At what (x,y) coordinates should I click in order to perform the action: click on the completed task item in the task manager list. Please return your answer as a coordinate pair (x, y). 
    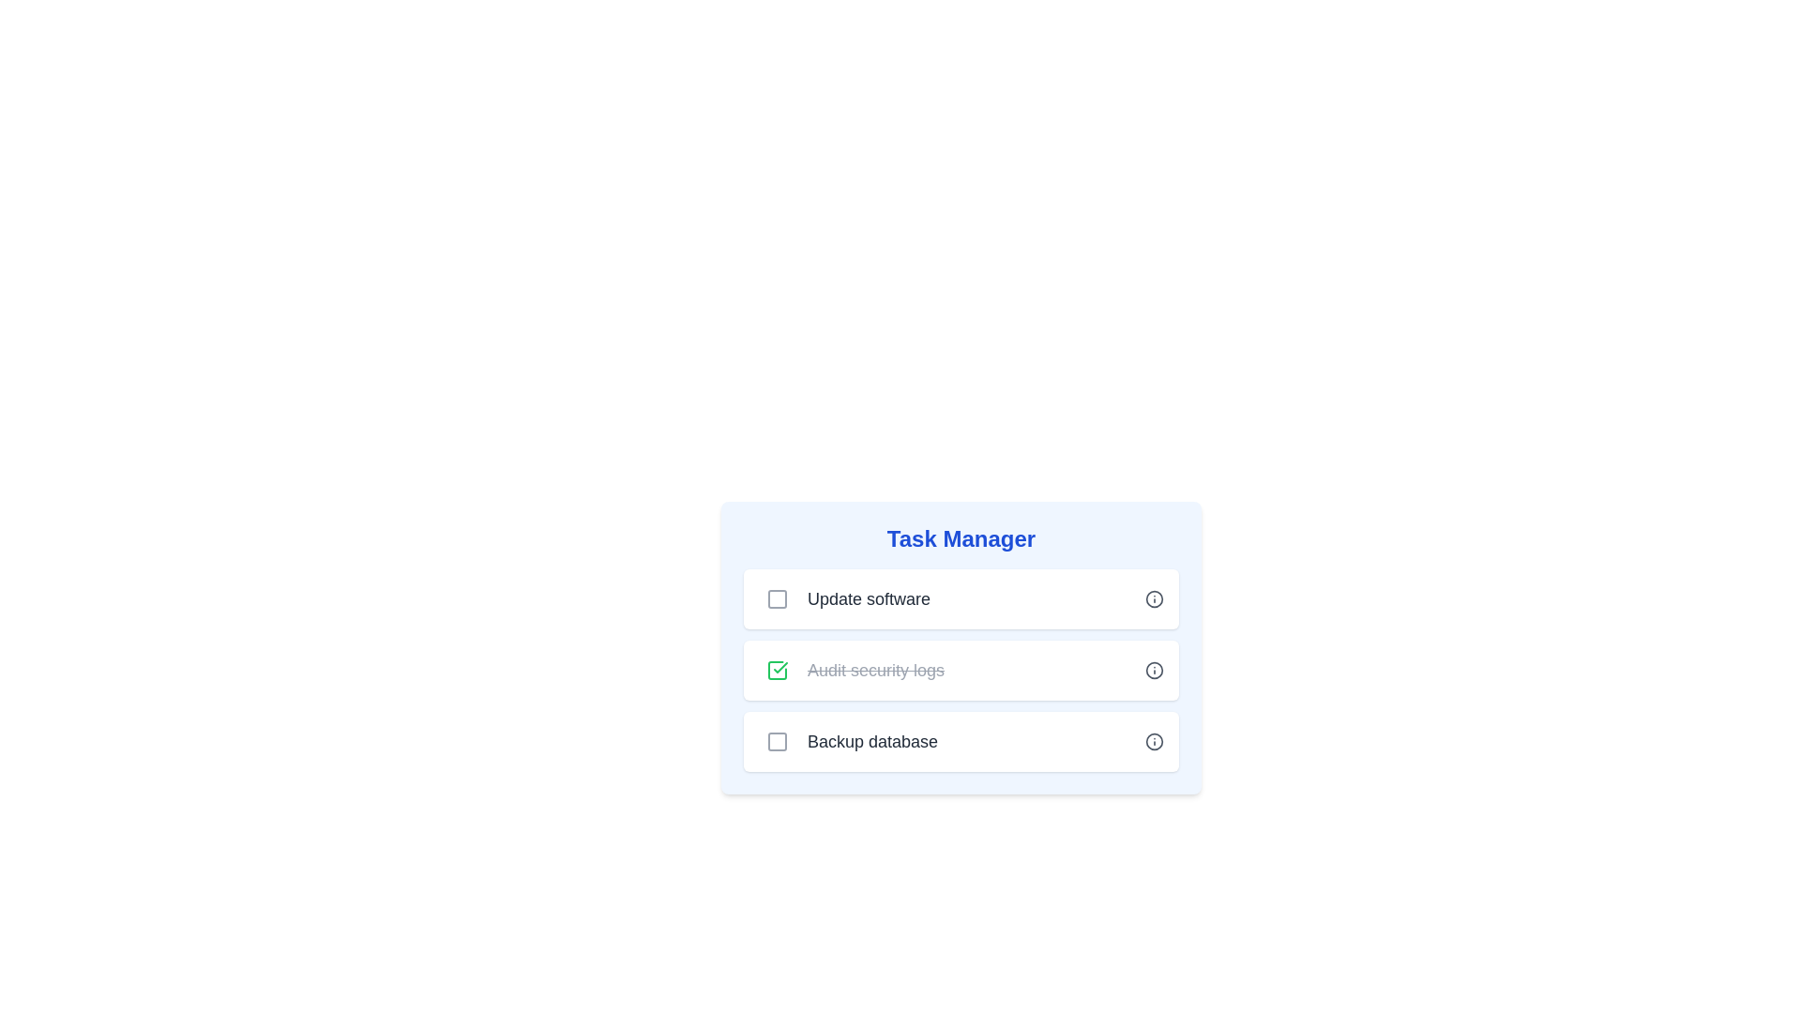
    Looking at the image, I should click on (850, 669).